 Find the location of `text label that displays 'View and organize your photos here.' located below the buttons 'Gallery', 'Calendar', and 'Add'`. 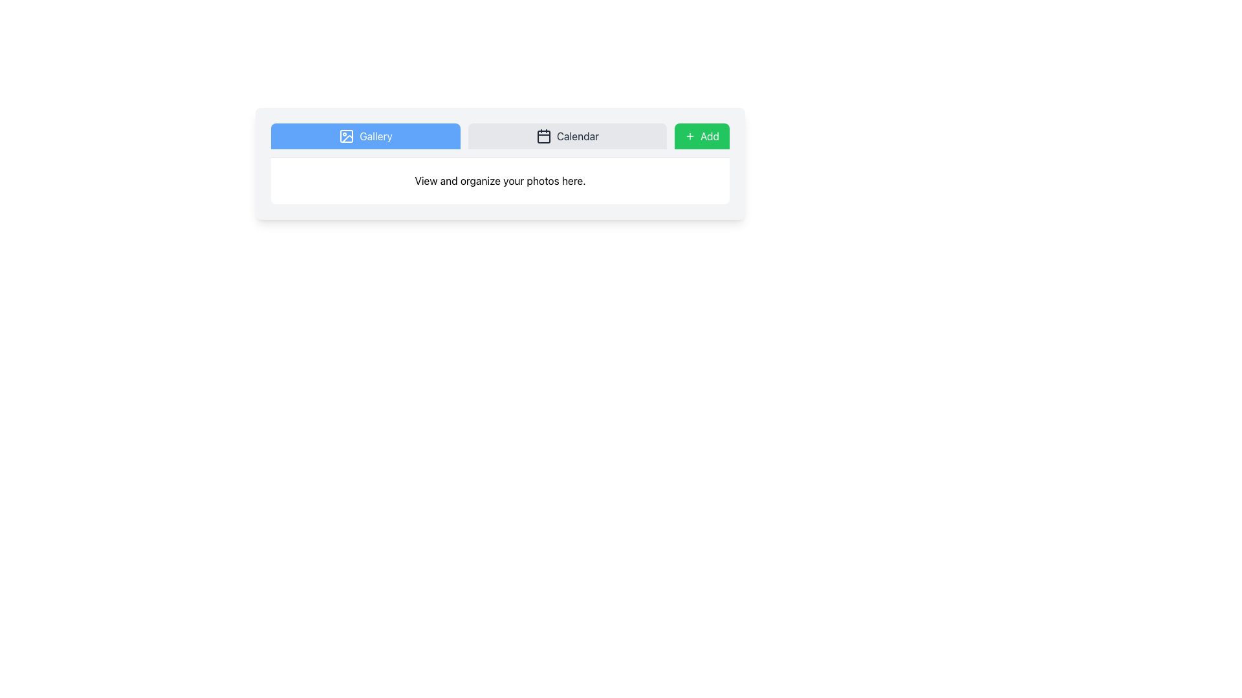

text label that displays 'View and organize your photos here.' located below the buttons 'Gallery', 'Calendar', and 'Add' is located at coordinates (499, 181).